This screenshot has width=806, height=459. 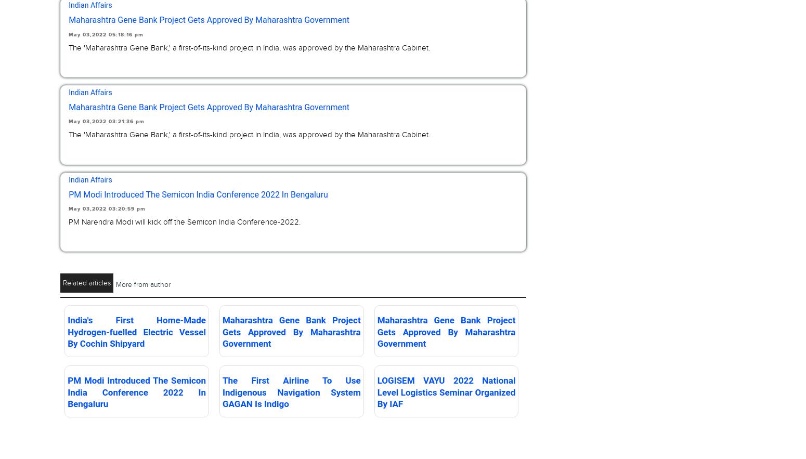 I want to click on 'LOGISEM VAYU 2022 National Level Logistics Seminar Organized By IAF', so click(x=376, y=391).